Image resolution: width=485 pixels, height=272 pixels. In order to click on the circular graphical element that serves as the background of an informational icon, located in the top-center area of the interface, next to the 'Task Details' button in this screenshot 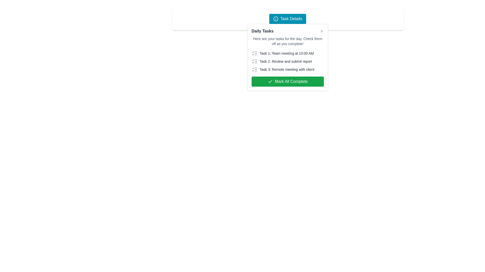, I will do `click(275, 18)`.